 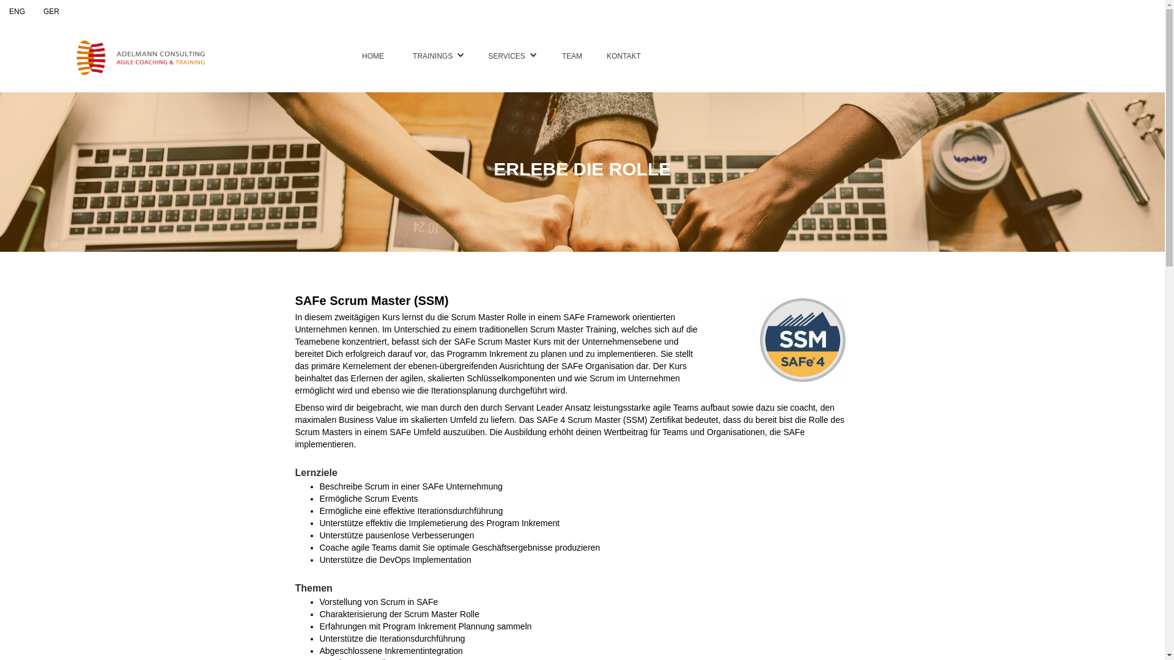 I want to click on 'HOME', so click(x=372, y=56).